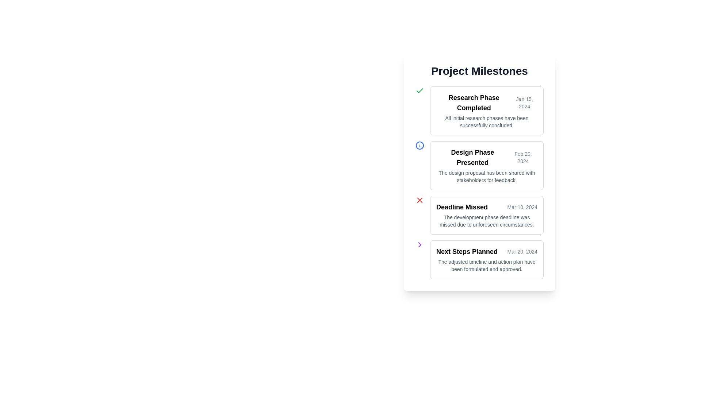 This screenshot has height=394, width=701. What do you see at coordinates (420, 200) in the screenshot?
I see `the error indicator icon located at the beginning of the 'Deadline Missed' card, which is the third card in the vertical list of milestone cards` at bounding box center [420, 200].